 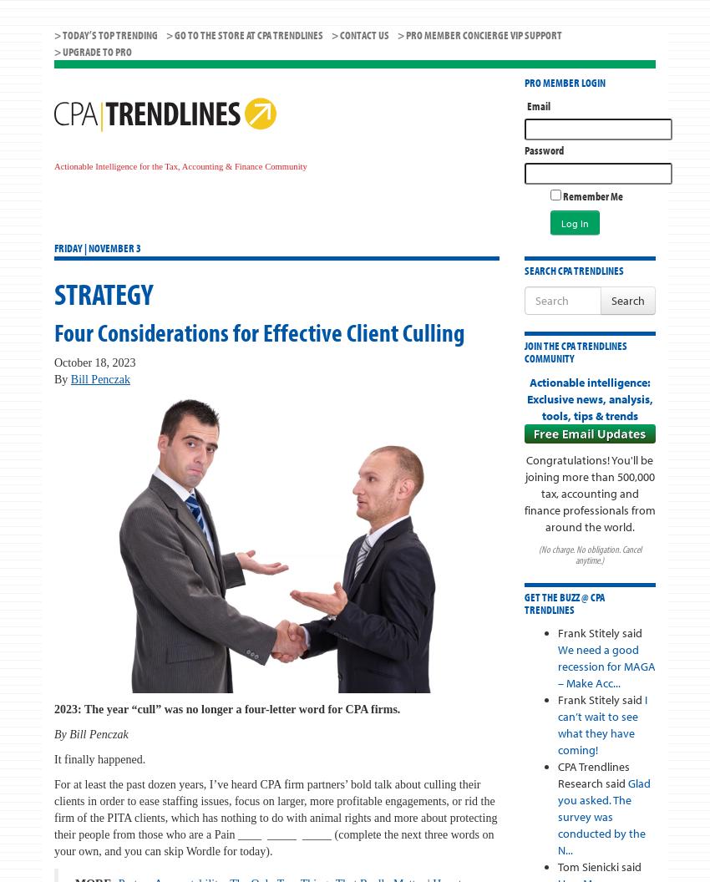 What do you see at coordinates (479, 35) in the screenshot?
I see `'> PRO MEMBER CONCIERGE VIP SUPPORT'` at bounding box center [479, 35].